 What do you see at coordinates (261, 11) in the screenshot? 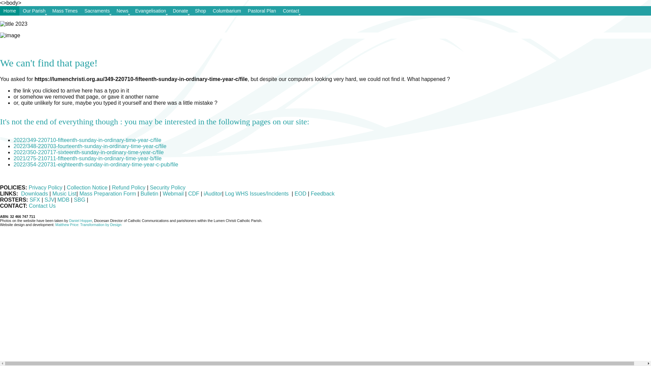
I see `'Pastoral Plan'` at bounding box center [261, 11].